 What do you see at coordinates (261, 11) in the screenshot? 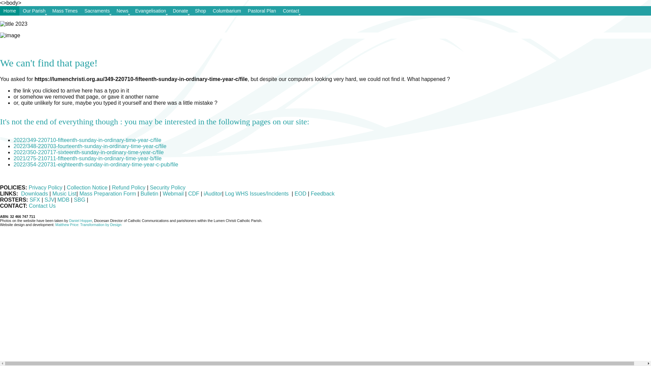
I see `'Pastoral Plan'` at bounding box center [261, 11].